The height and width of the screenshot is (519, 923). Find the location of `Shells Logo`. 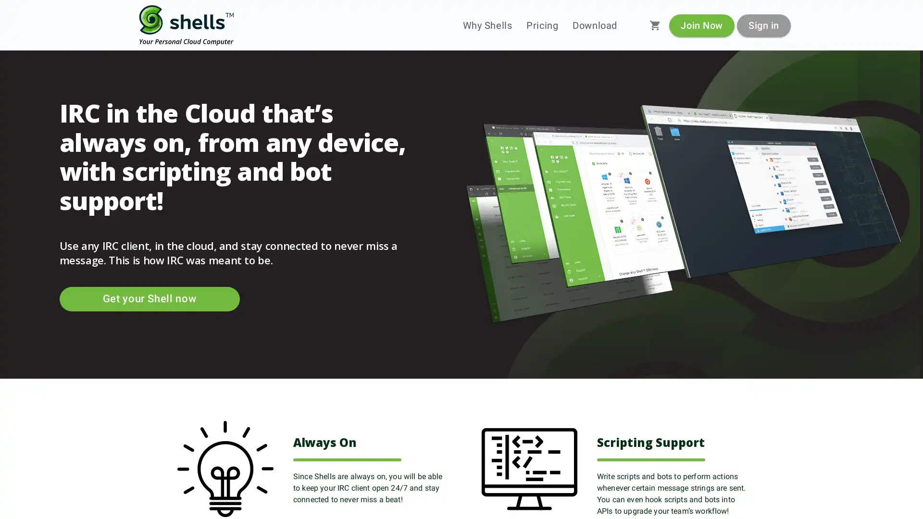

Shells Logo is located at coordinates (187, 25).